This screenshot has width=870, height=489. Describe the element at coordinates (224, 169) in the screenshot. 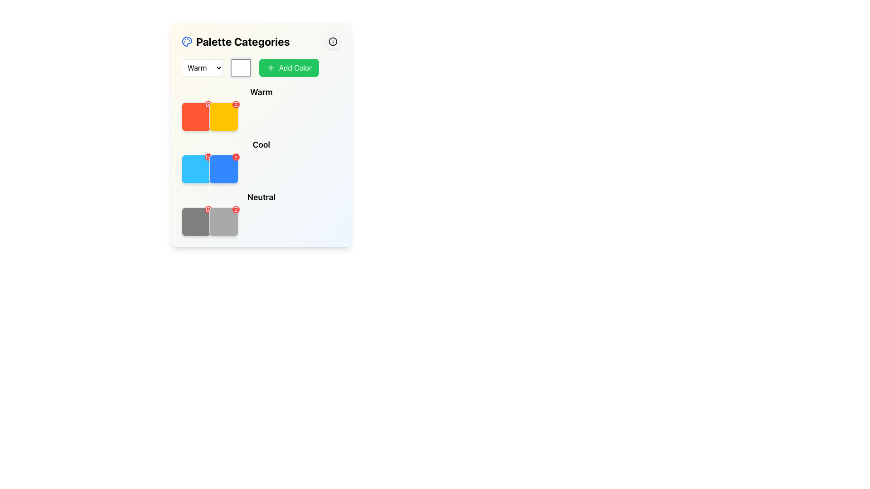

I see `the vivid blue square-shaped button with rounded corners that is the second button from the left in the 'Cool' group` at that location.